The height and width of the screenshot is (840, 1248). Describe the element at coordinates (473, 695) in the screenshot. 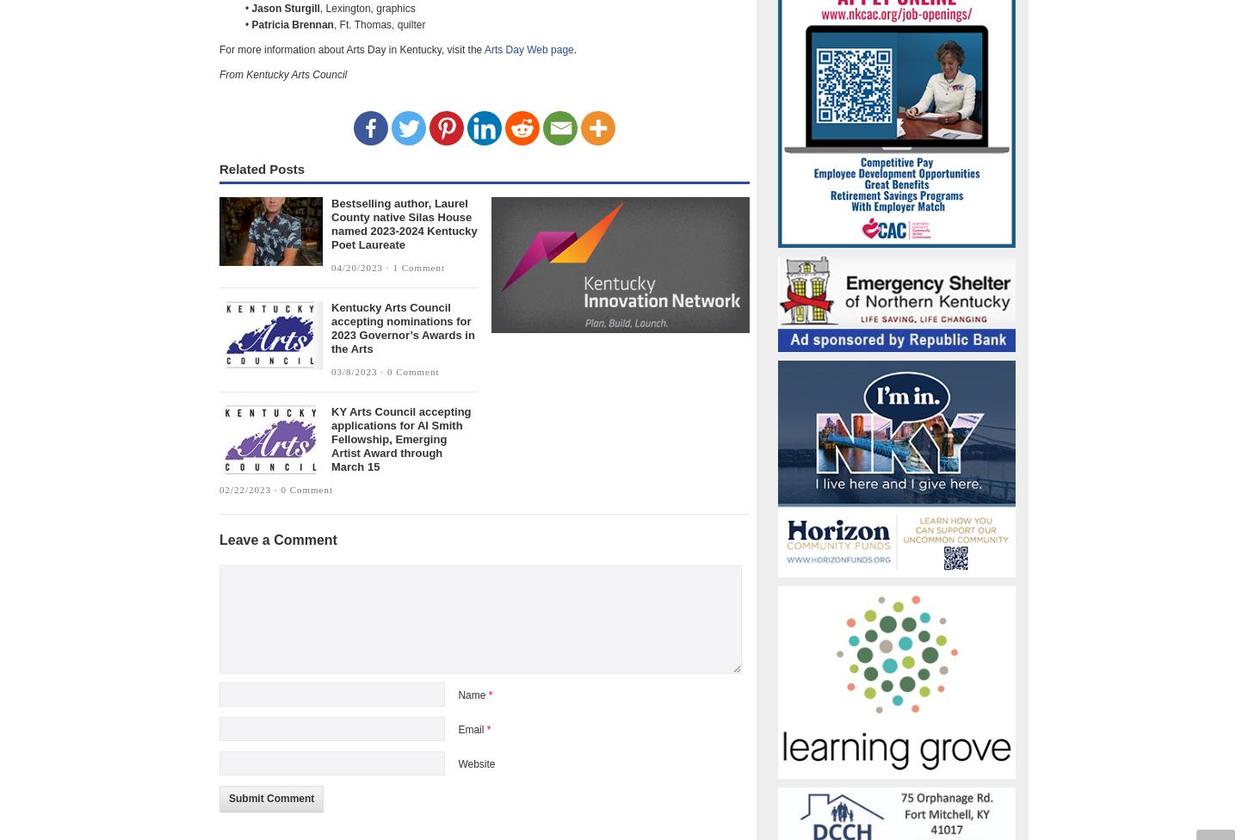

I see `'Name'` at that location.